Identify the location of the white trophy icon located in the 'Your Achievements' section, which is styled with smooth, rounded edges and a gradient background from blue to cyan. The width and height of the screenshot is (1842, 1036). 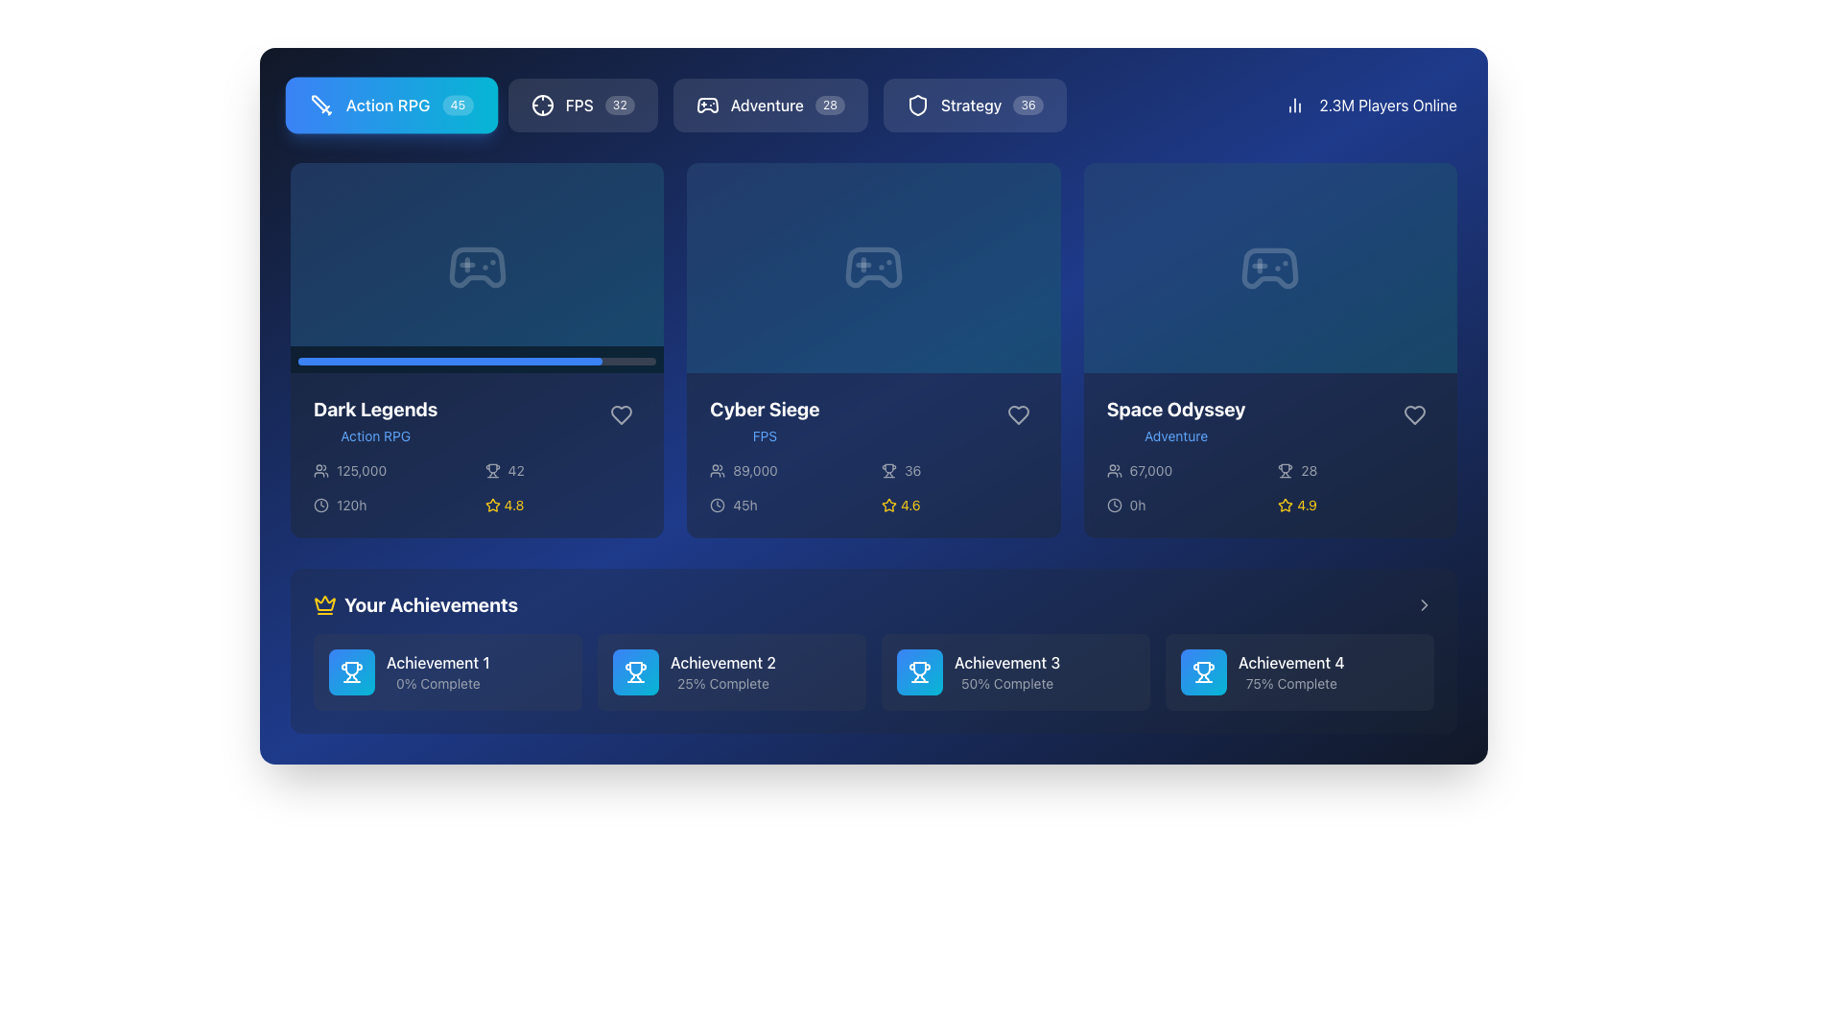
(919, 671).